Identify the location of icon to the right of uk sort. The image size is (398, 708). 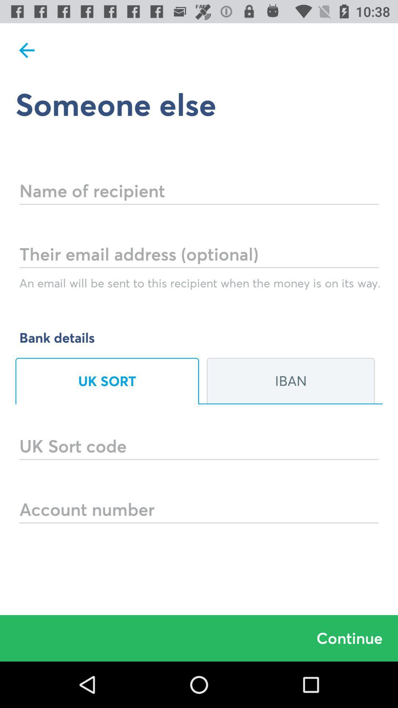
(290, 381).